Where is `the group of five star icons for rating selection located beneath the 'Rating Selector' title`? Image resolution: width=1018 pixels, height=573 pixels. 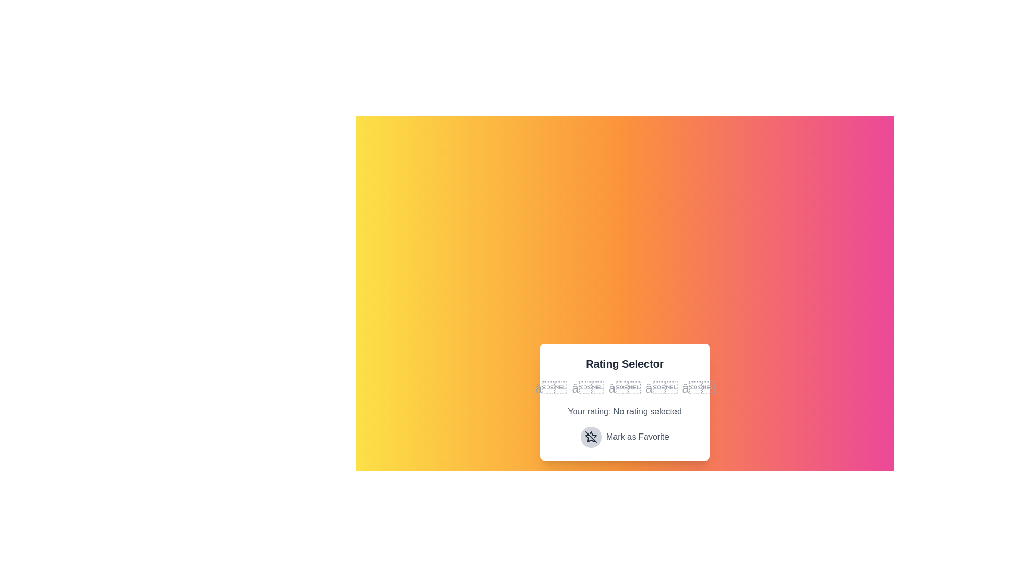
the group of five star icons for rating selection located beneath the 'Rating Selector' title is located at coordinates (625, 388).